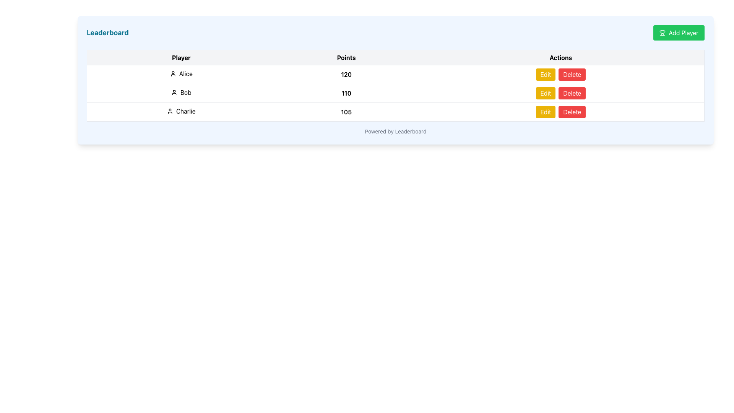 The width and height of the screenshot is (734, 413). I want to click on the edit button located in the 'Actions' column of the table row, which is positioned to the left of the red 'Delete' button, to change its shade, so click(545, 93).